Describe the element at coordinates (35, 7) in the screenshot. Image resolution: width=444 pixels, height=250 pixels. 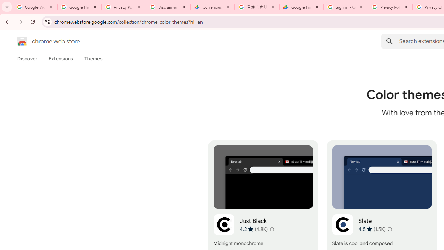
I see `'Google Workspace Admin Community'` at that location.